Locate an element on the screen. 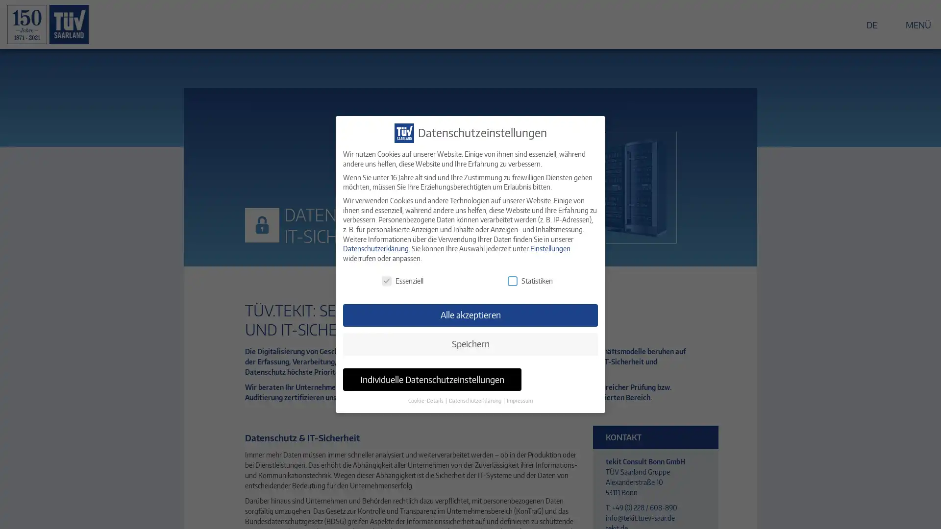 The image size is (941, 529). Impressum is located at coordinates (519, 400).